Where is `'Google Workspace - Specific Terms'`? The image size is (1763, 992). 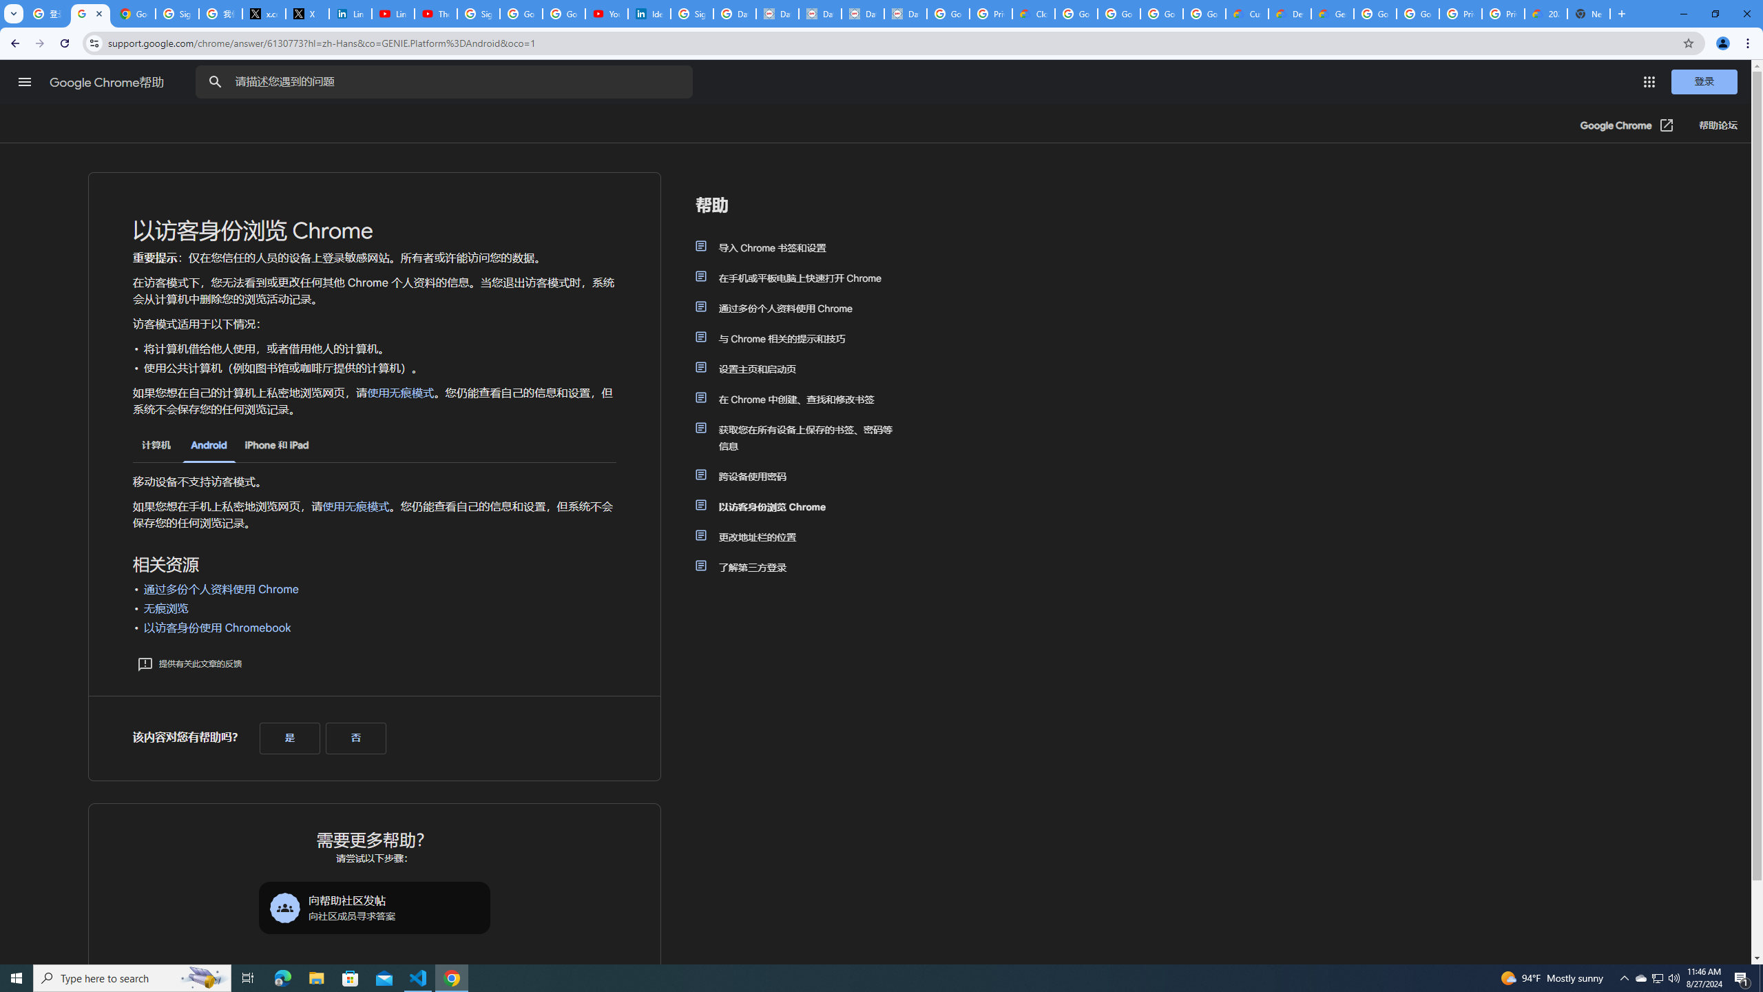 'Google Workspace - Specific Terms' is located at coordinates (1204, 13).